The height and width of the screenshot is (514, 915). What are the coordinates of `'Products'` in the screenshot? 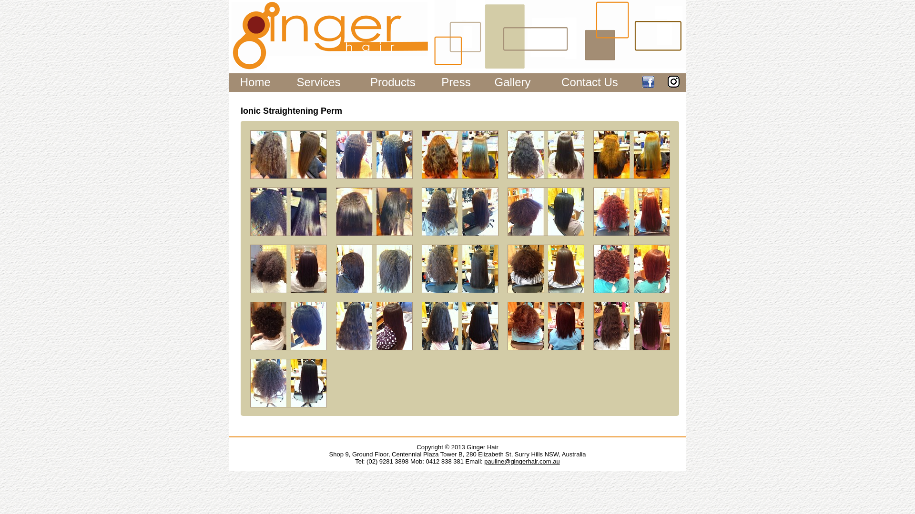 It's located at (370, 81).